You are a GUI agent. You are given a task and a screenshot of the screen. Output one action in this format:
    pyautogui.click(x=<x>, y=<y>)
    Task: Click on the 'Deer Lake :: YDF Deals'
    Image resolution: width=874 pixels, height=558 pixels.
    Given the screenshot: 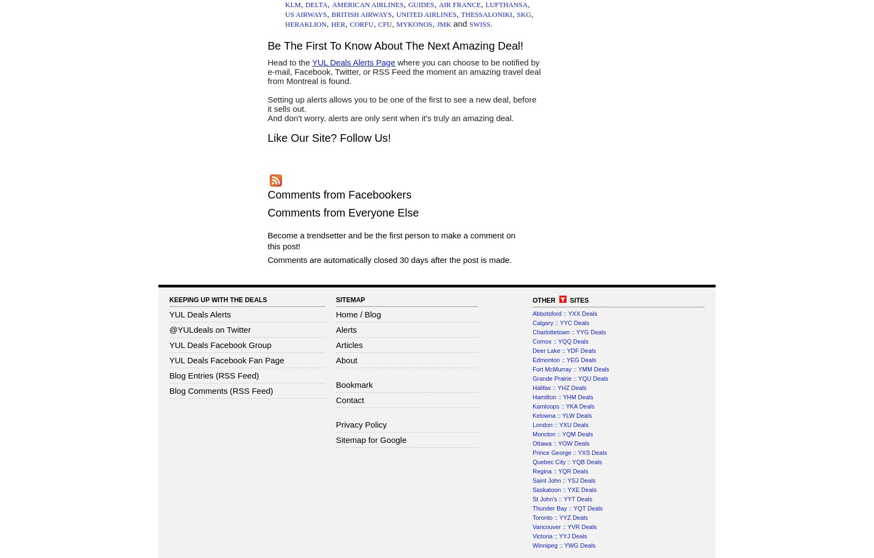 What is the action you would take?
    pyautogui.click(x=564, y=350)
    